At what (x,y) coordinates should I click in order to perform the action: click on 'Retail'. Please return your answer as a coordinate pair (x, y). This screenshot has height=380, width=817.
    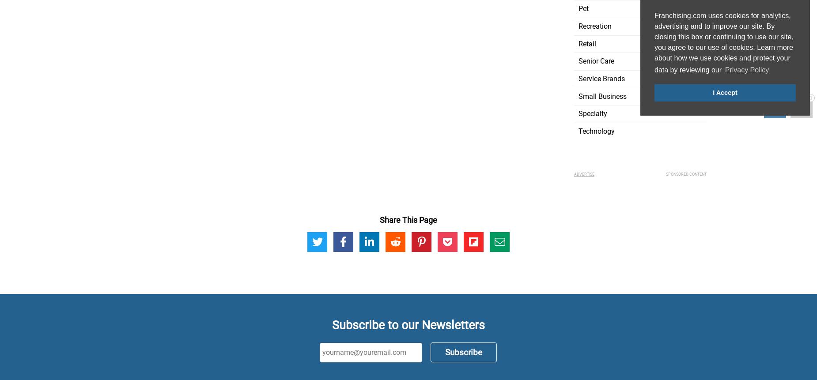
    Looking at the image, I should click on (586, 43).